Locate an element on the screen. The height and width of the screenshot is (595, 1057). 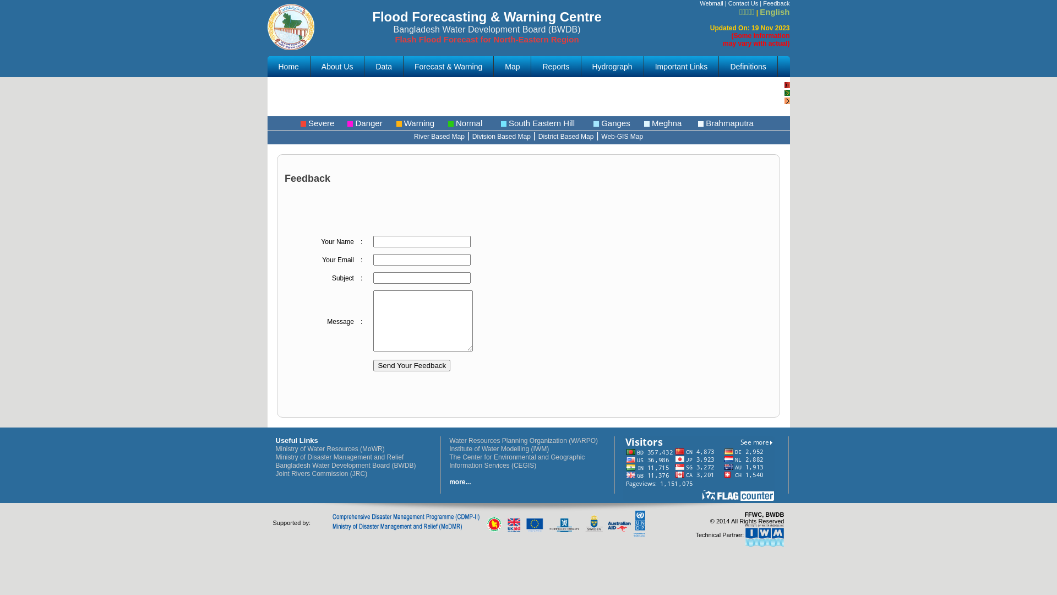
'District Based Map' is located at coordinates (566, 136).